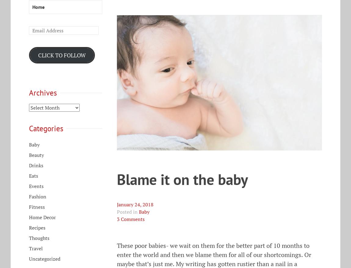  What do you see at coordinates (37, 196) in the screenshot?
I see `'Fashion'` at bounding box center [37, 196].